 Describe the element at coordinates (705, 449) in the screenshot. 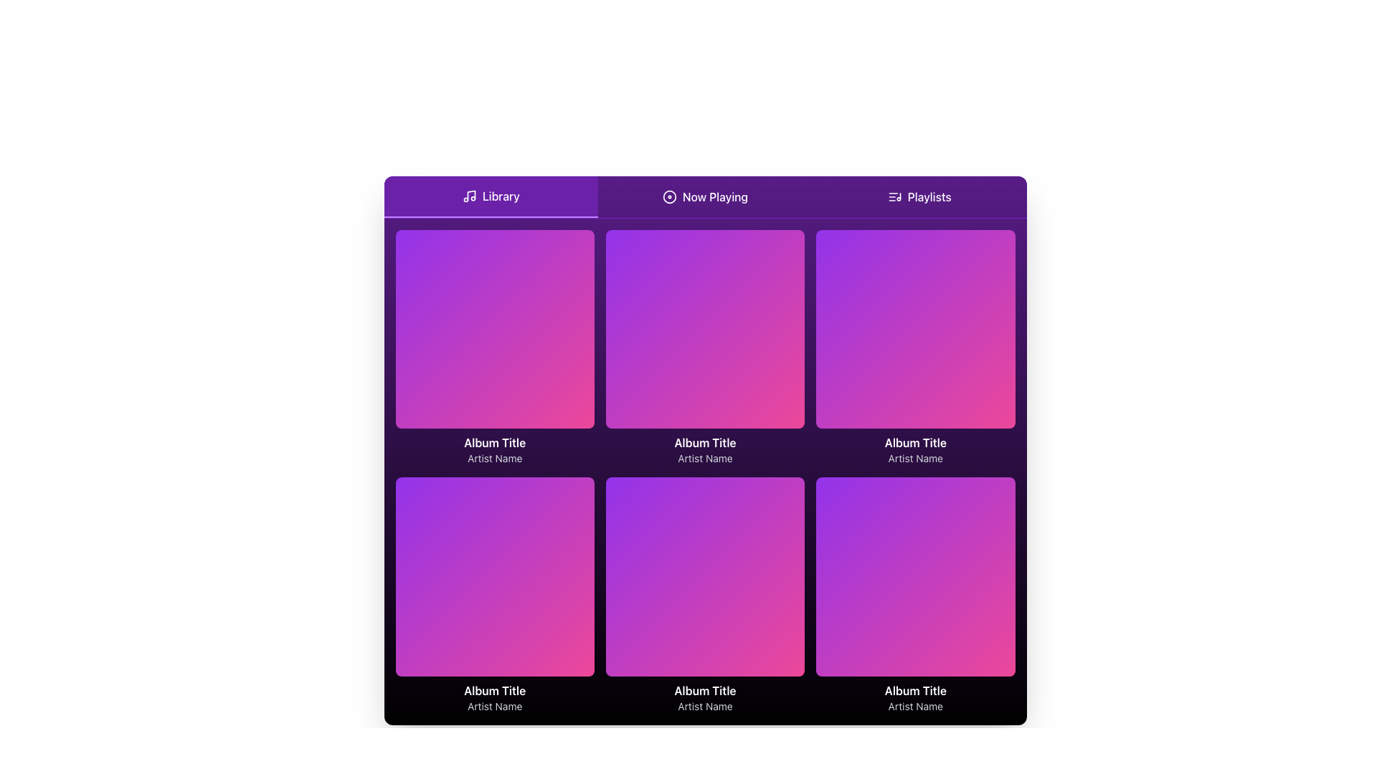

I see `information displayed in the text block labeled 'Album Title' in bold and 'Artist Name' in a smaller, gray-colored font, which is located in the middle row of the UI grid layout, specifically in the second card of the second row` at that location.